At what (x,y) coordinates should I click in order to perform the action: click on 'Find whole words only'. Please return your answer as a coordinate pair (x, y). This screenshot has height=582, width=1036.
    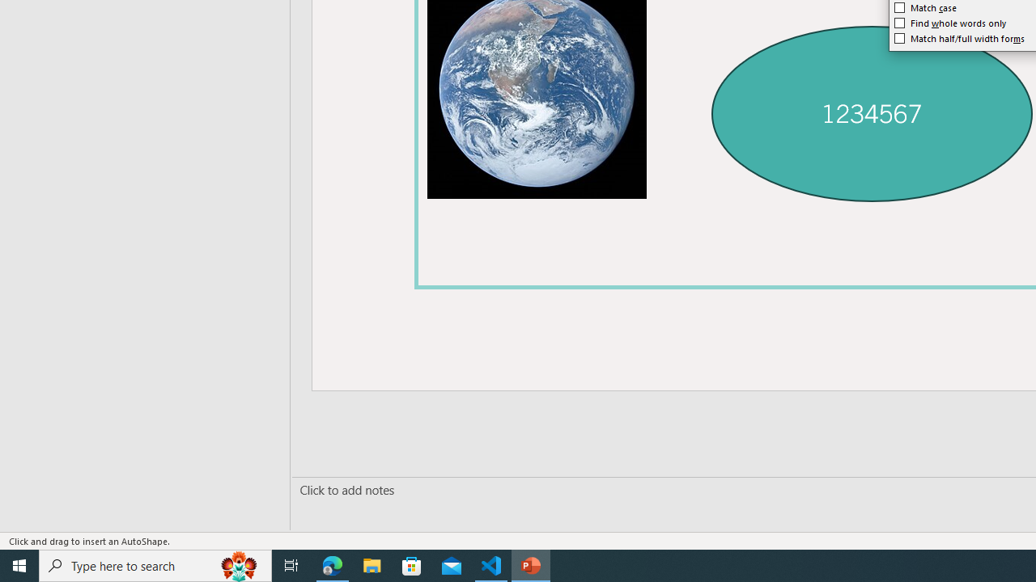
    Looking at the image, I should click on (951, 23).